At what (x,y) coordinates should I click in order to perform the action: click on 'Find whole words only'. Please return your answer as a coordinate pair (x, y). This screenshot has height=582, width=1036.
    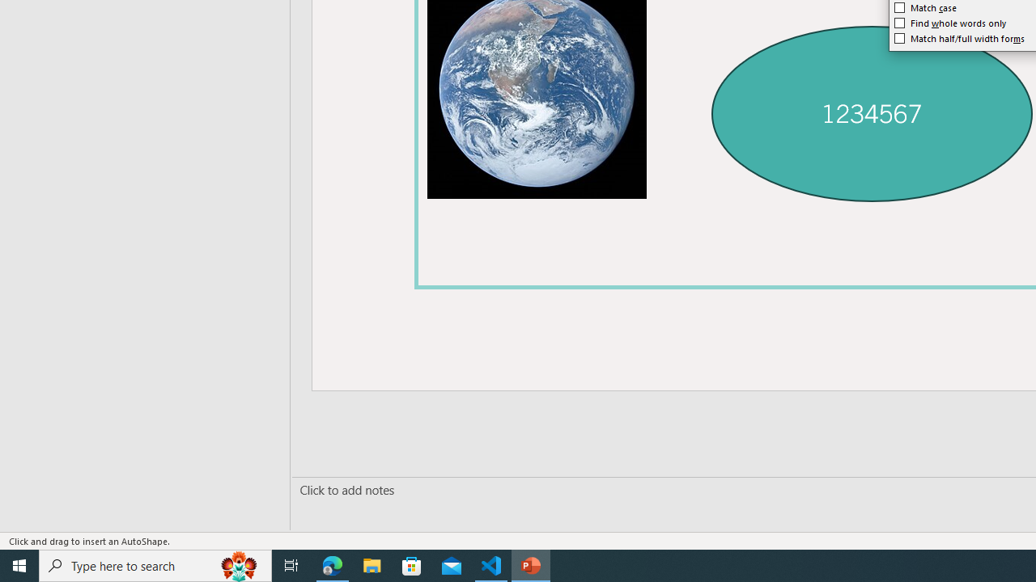
    Looking at the image, I should click on (951, 23).